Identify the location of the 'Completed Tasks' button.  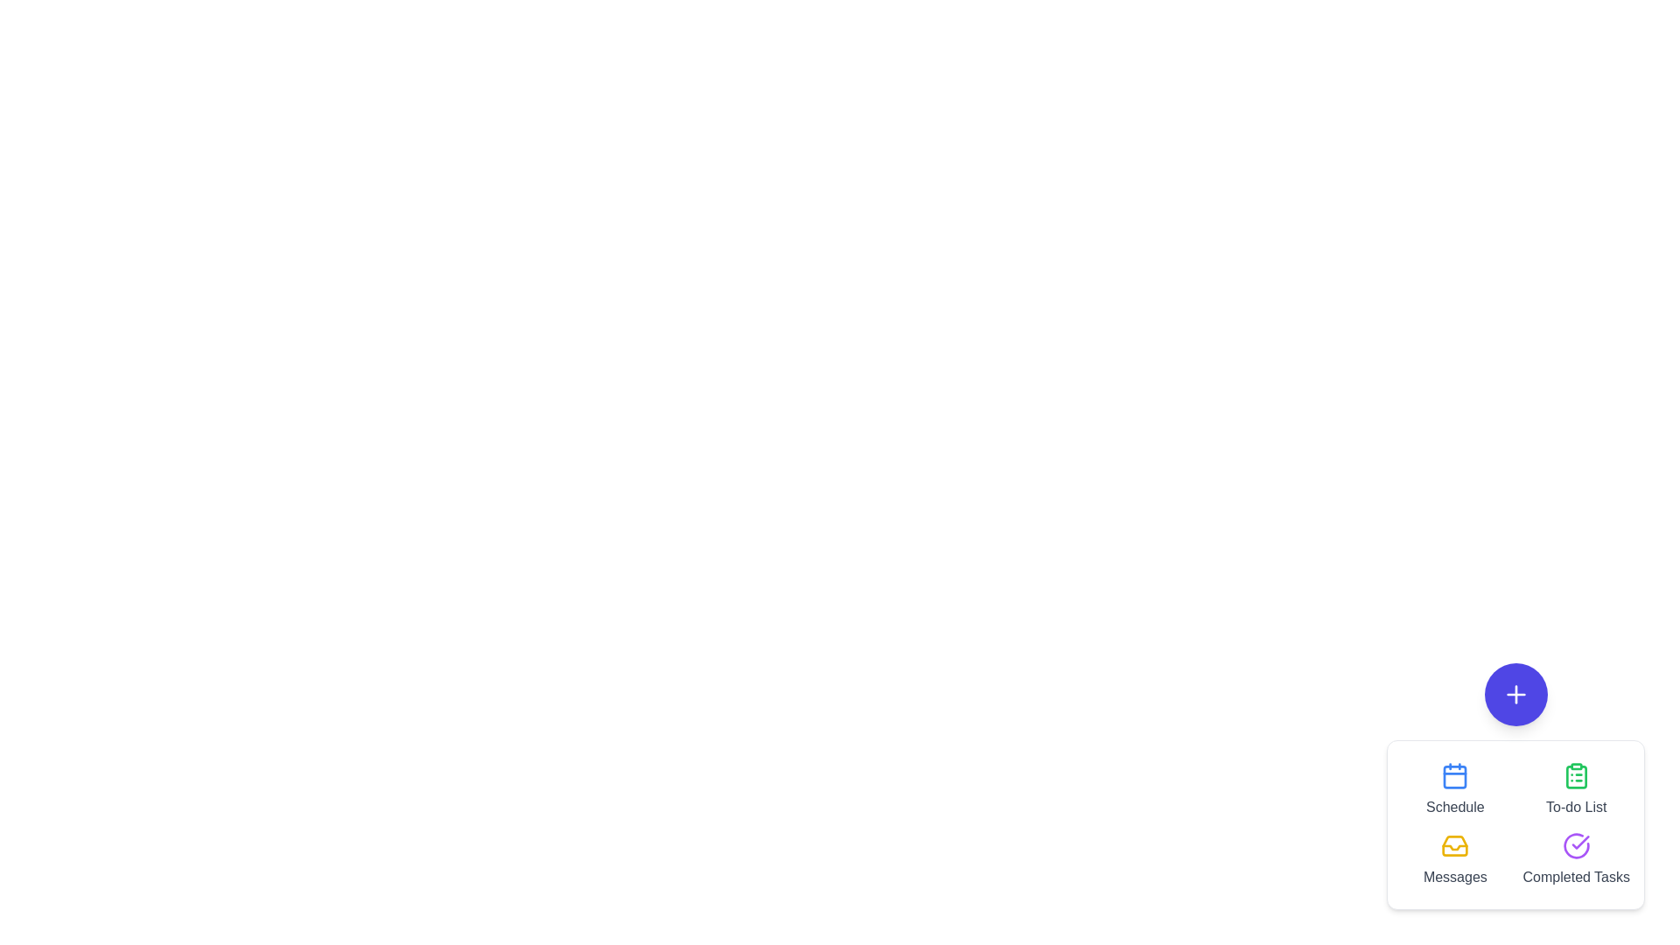
(1576, 859).